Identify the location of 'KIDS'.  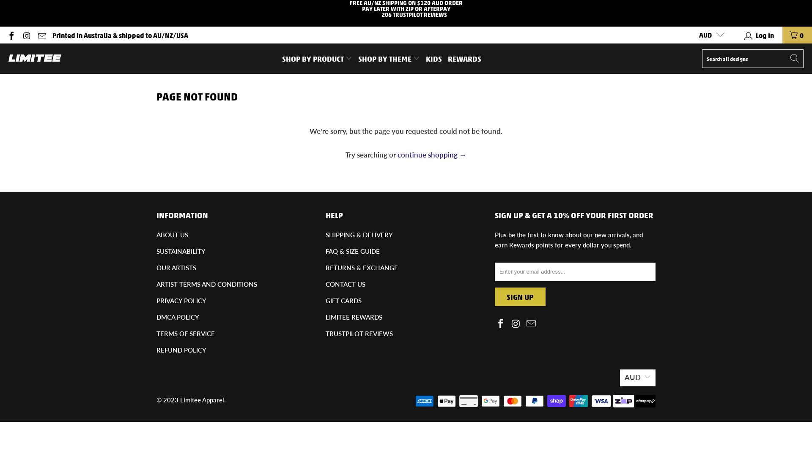
(434, 58).